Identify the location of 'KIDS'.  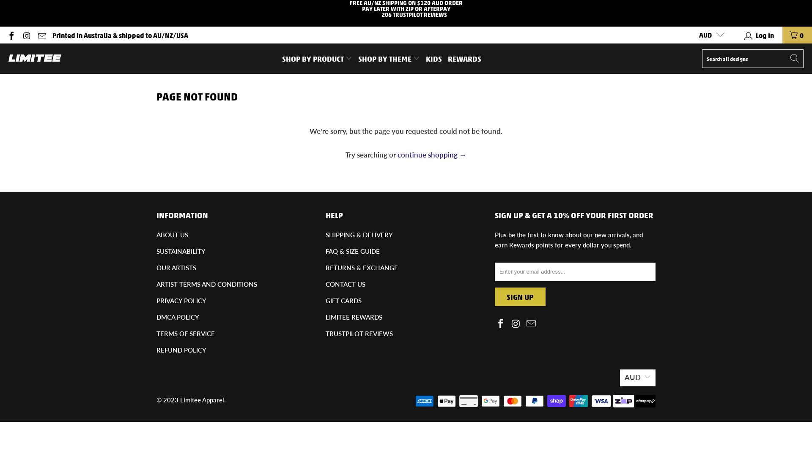
(434, 58).